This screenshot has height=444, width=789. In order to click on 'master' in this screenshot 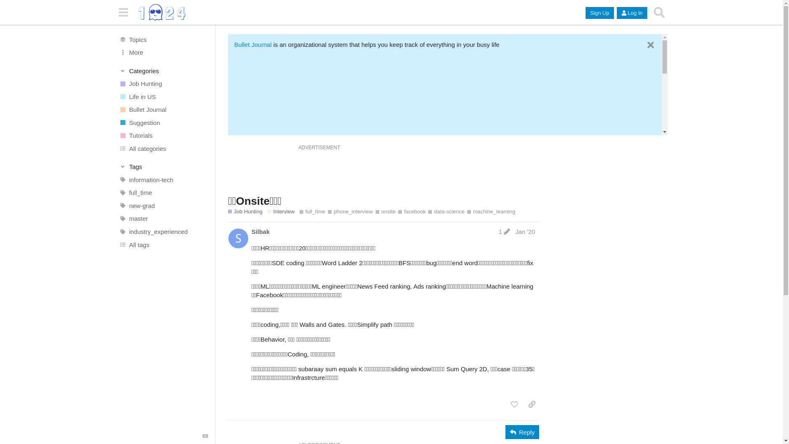, I will do `click(163, 218)`.